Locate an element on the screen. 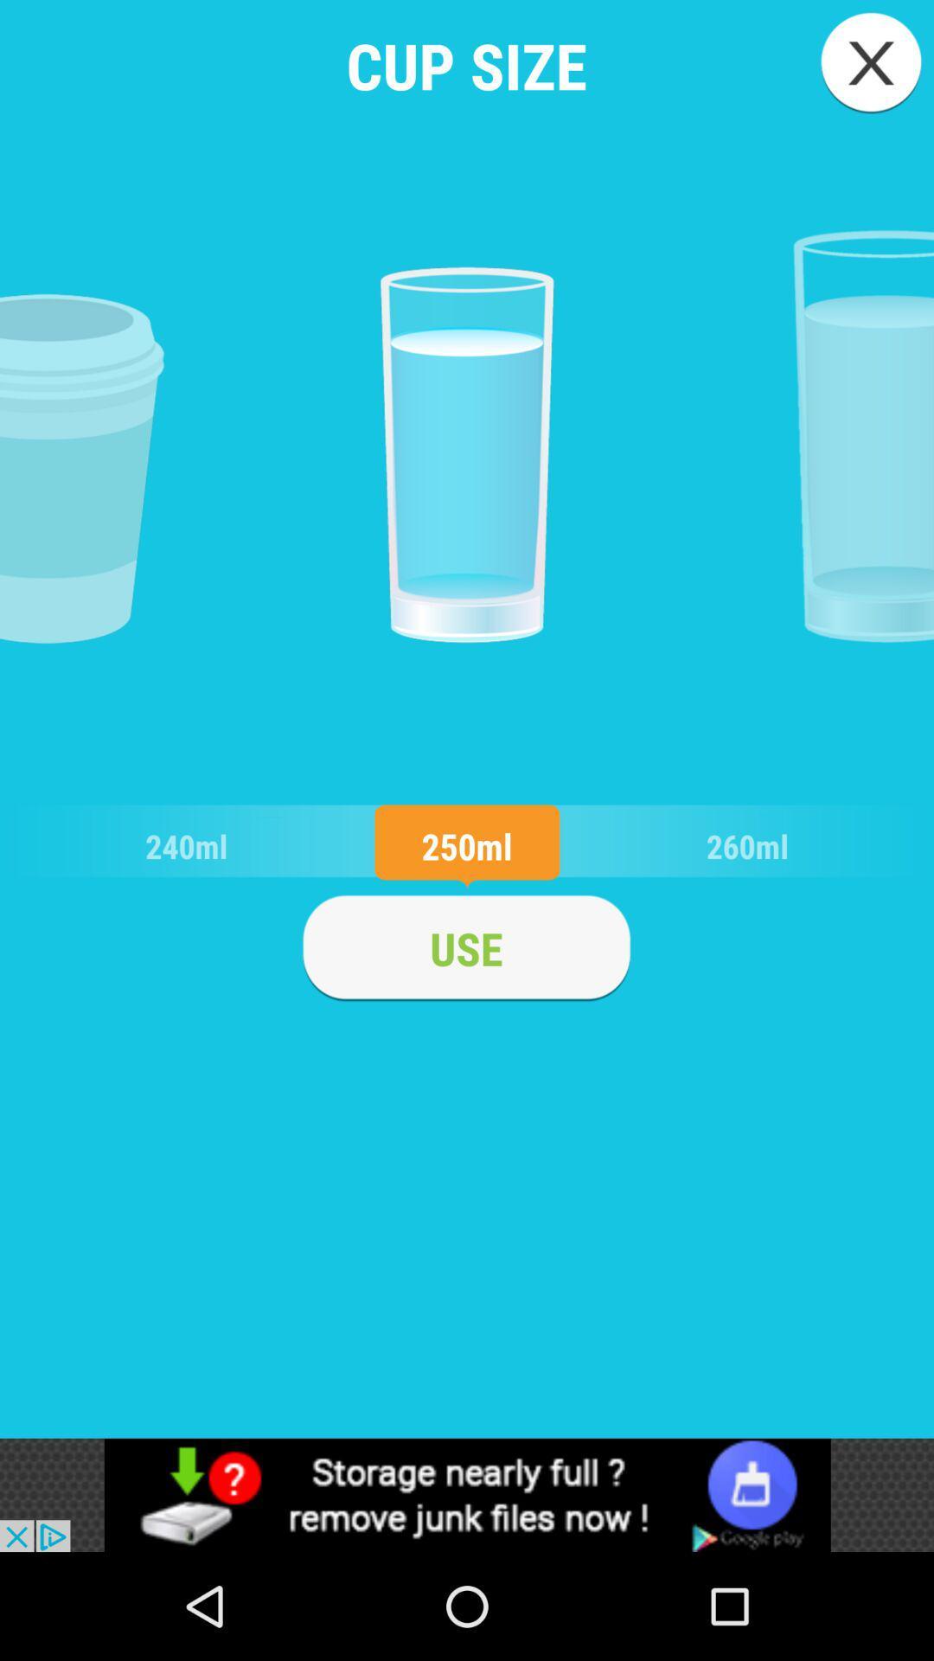 Image resolution: width=934 pixels, height=1661 pixels. the close icon is located at coordinates (871, 62).